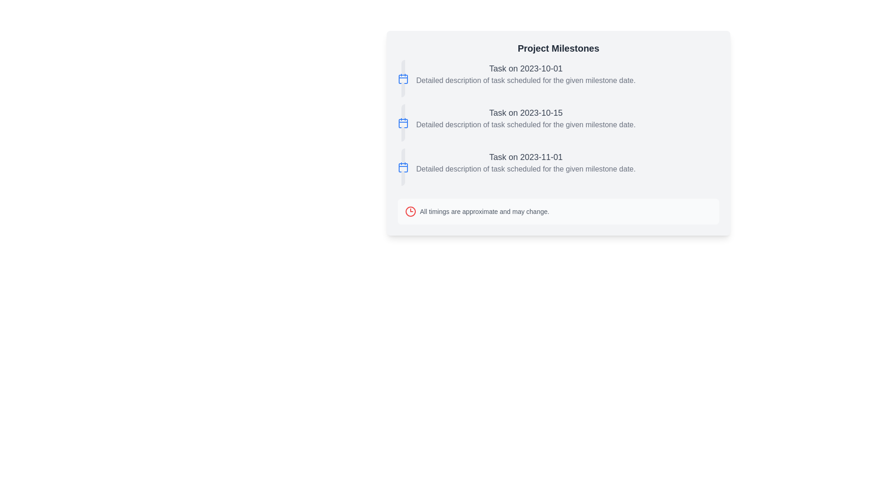 The image size is (887, 498). Describe the element at coordinates (403, 78) in the screenshot. I see `the calendar icon located to the left of the text 'Task on 2023-10-01', which is a square with rounded corners and blue strokes` at that location.